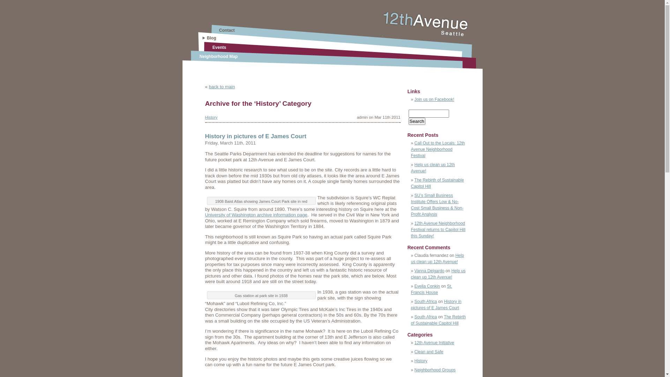 This screenshot has width=670, height=377. Describe the element at coordinates (415, 301) in the screenshot. I see `'South Africa'` at that location.